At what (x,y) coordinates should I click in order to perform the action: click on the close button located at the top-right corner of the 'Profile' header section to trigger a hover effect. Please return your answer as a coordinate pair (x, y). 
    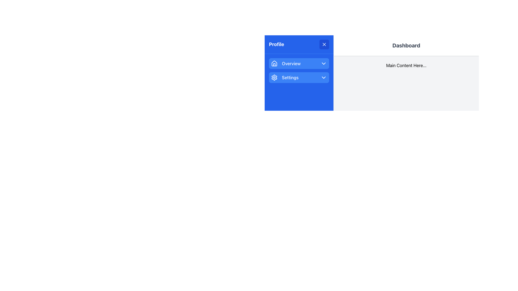
    Looking at the image, I should click on (324, 44).